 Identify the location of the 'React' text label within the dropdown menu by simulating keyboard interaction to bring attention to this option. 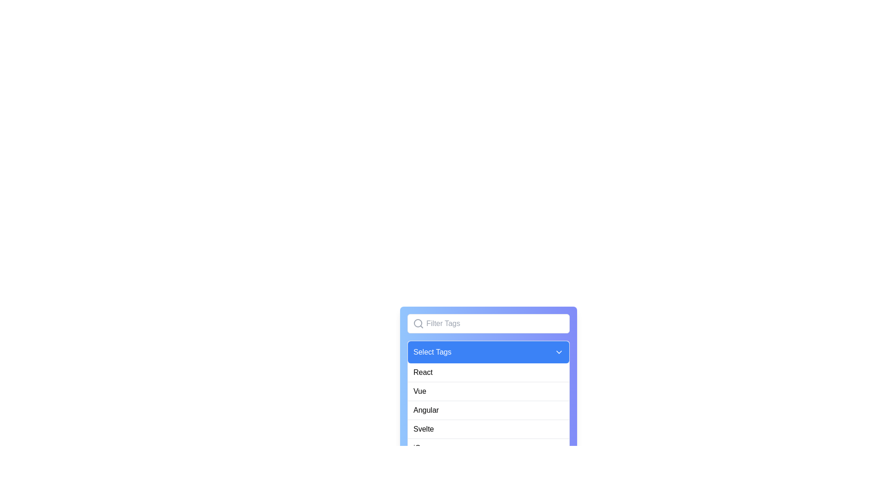
(422, 372).